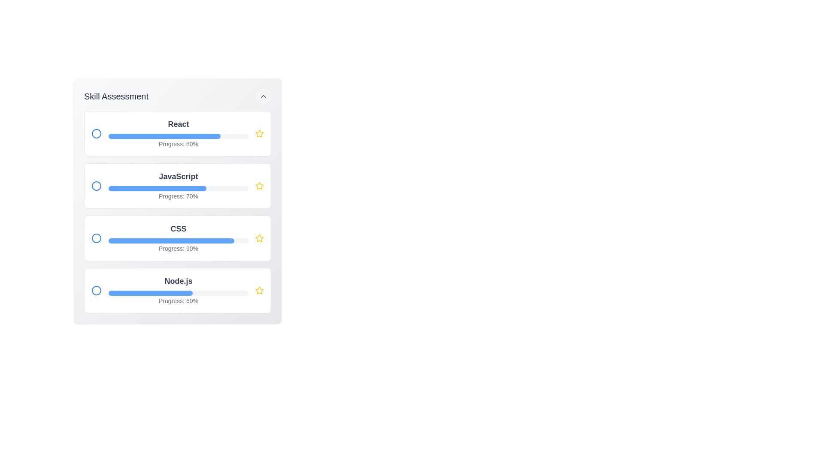 Image resolution: width=824 pixels, height=463 pixels. I want to click on the skill item corresponding to JavaScript, so click(177, 186).